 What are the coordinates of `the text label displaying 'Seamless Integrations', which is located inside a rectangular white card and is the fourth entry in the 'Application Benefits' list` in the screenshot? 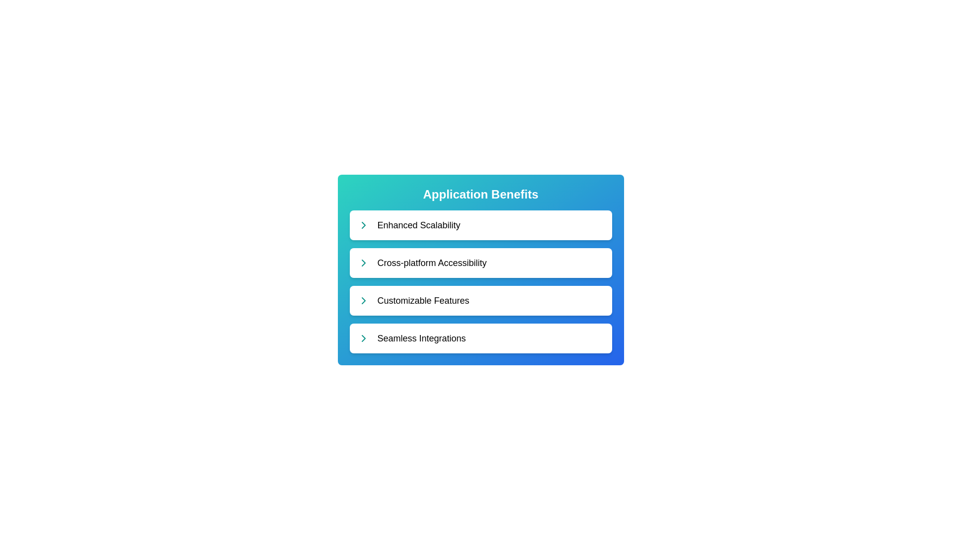 It's located at (421, 338).